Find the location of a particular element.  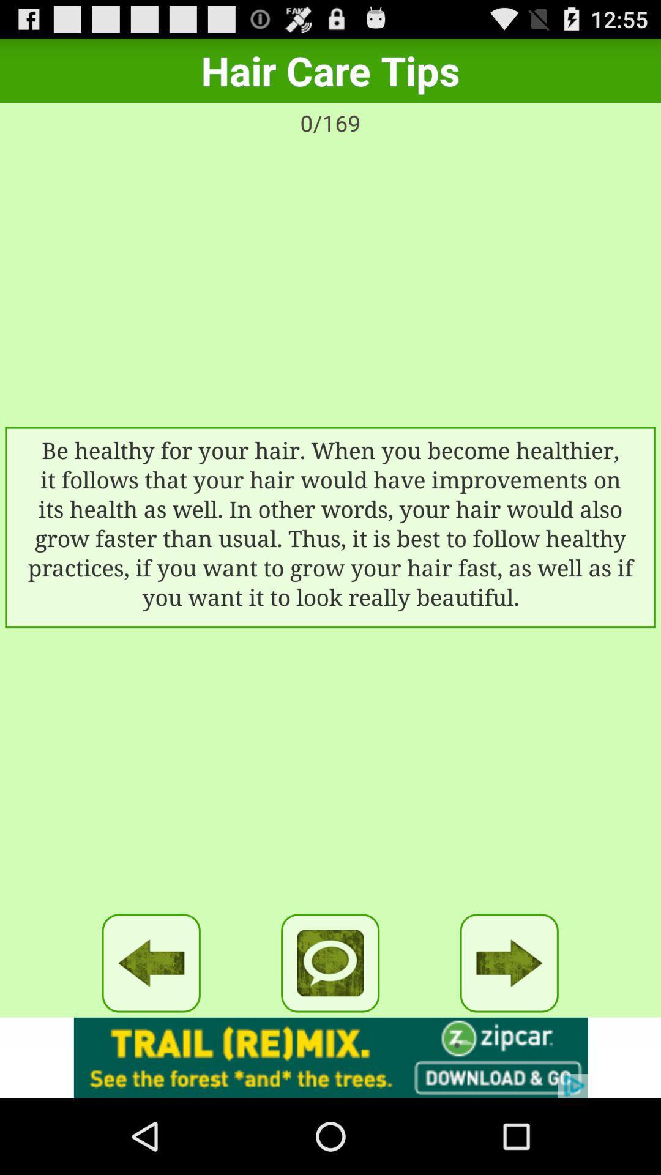

next button is located at coordinates (509, 962).